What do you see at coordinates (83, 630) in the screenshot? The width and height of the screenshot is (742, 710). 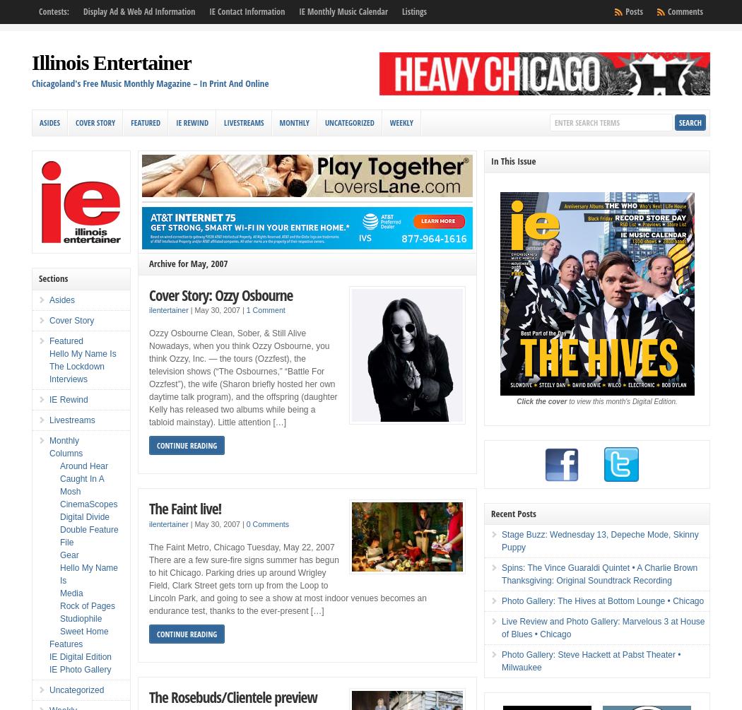 I see `'Sweet Home'` at bounding box center [83, 630].